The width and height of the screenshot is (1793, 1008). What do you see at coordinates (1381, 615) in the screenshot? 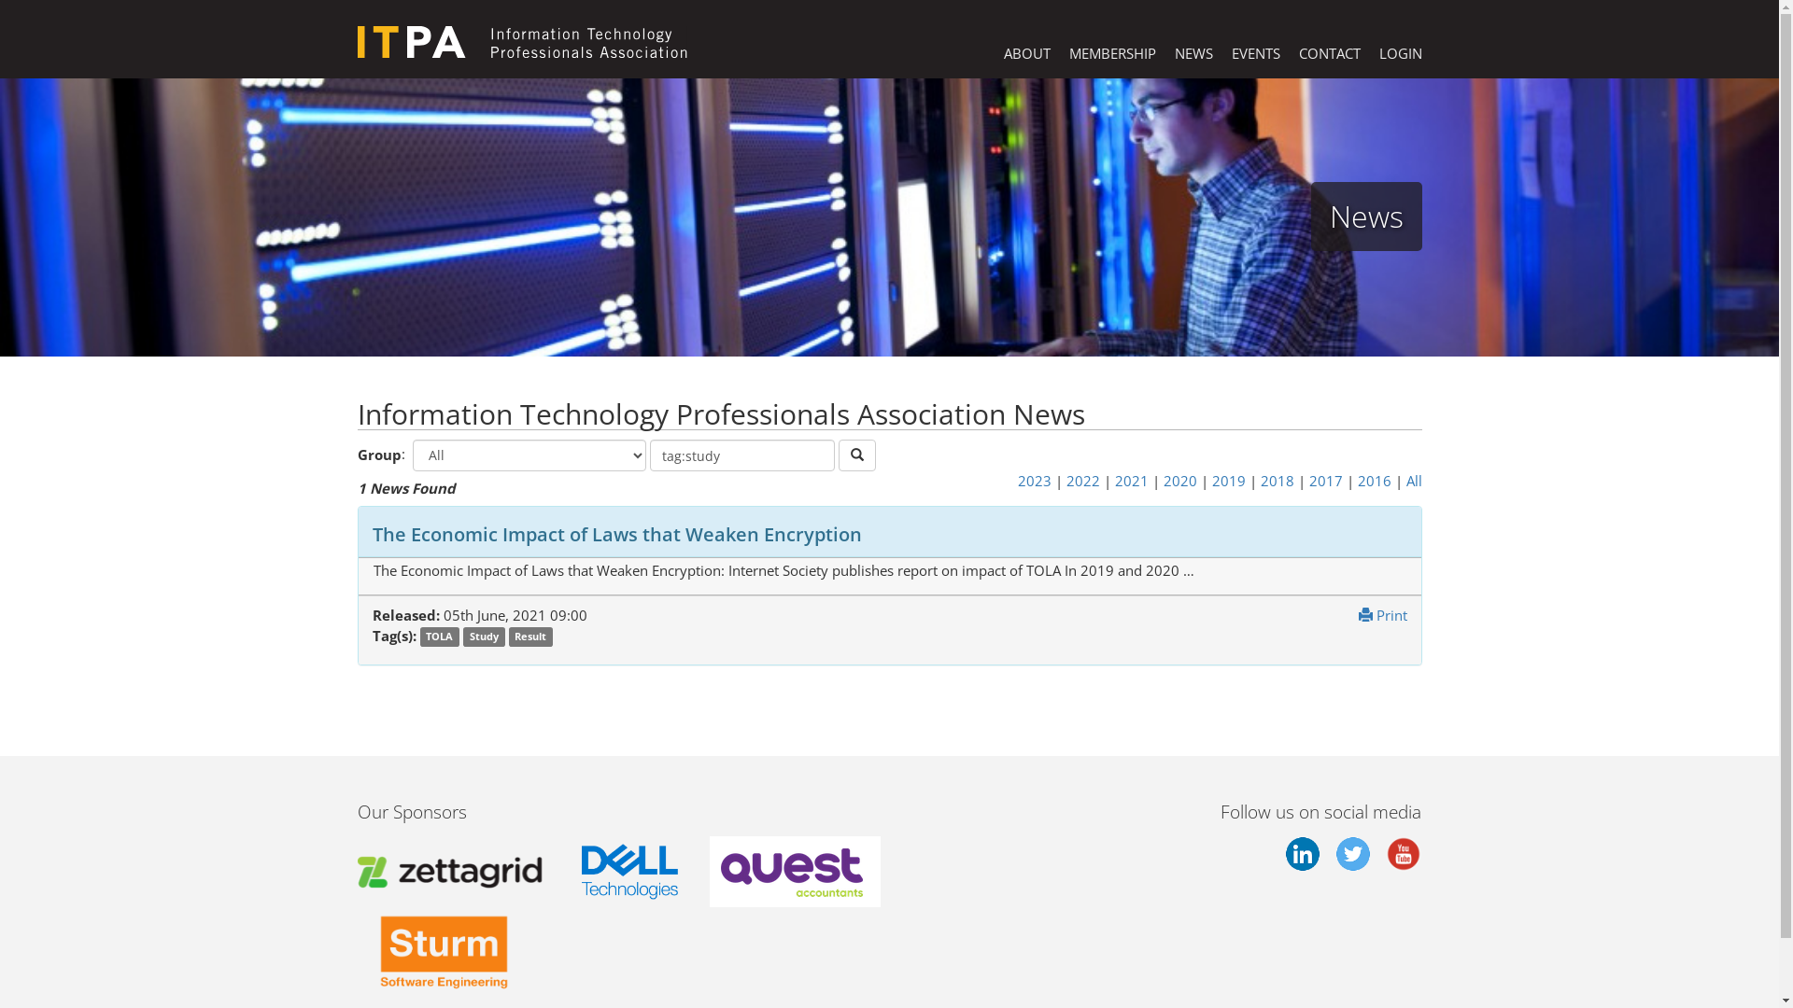
I see `'Print'` at bounding box center [1381, 615].